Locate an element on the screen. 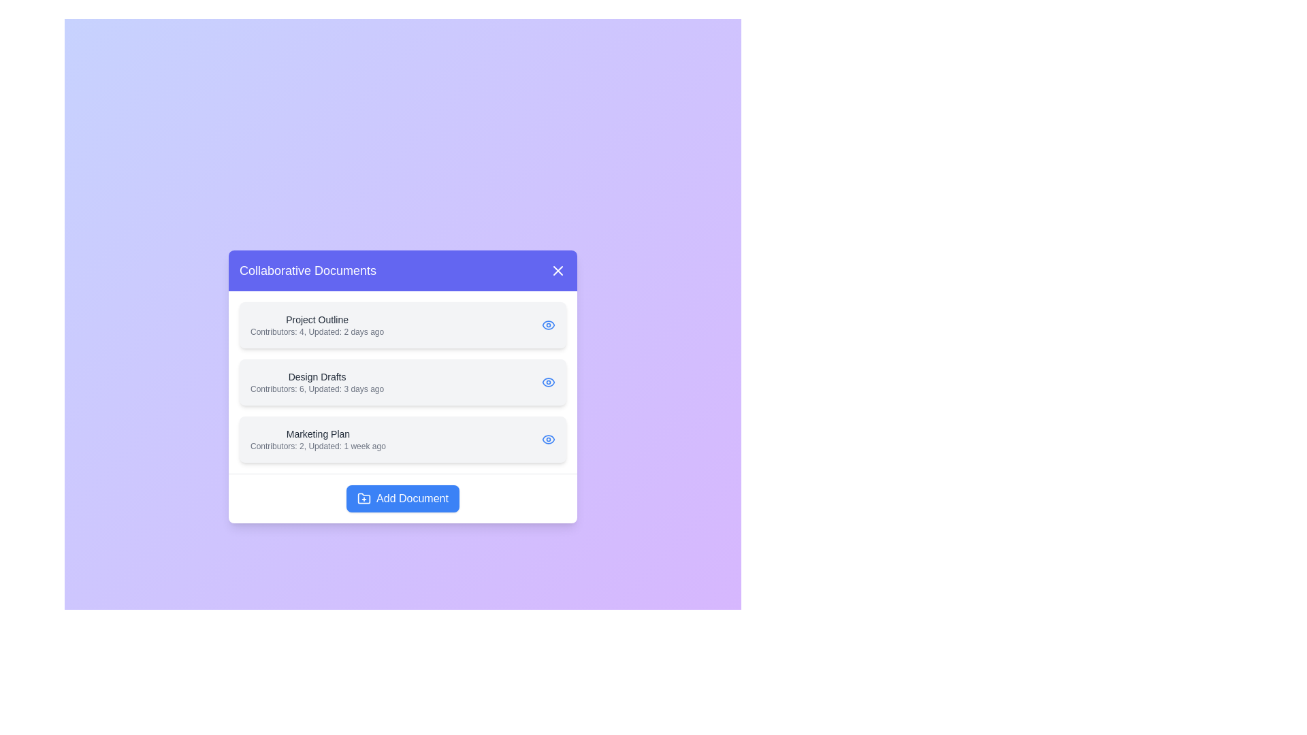  'Add Document' button to initiate the addition of a new document is located at coordinates (402, 498).